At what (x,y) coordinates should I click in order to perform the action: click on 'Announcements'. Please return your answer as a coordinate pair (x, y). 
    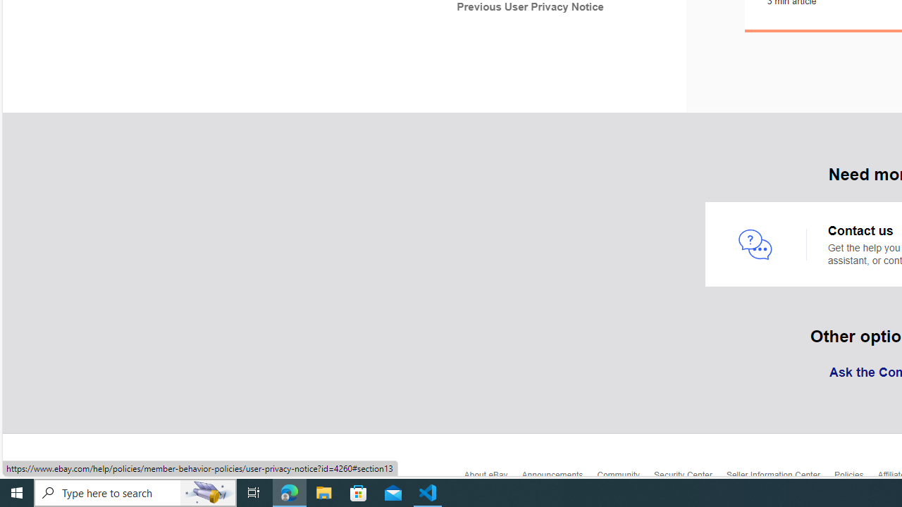
    Looking at the image, I should click on (558, 477).